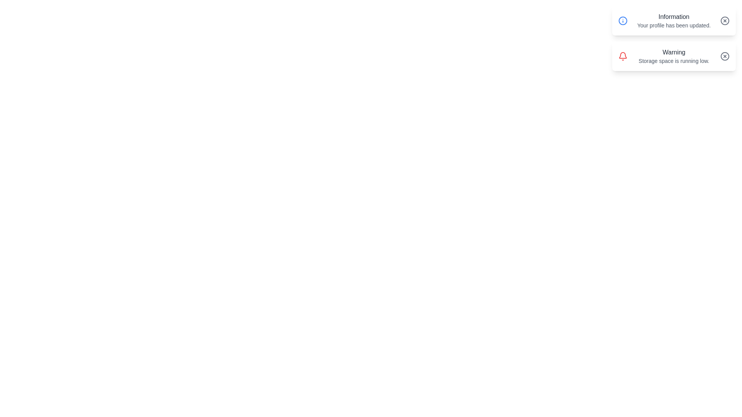 Image resolution: width=742 pixels, height=417 pixels. What do you see at coordinates (725, 20) in the screenshot?
I see `the dismiss button located at the top-right corner of the notification card that displays 'Information' and the message 'Your profile has been updated.'` at bounding box center [725, 20].